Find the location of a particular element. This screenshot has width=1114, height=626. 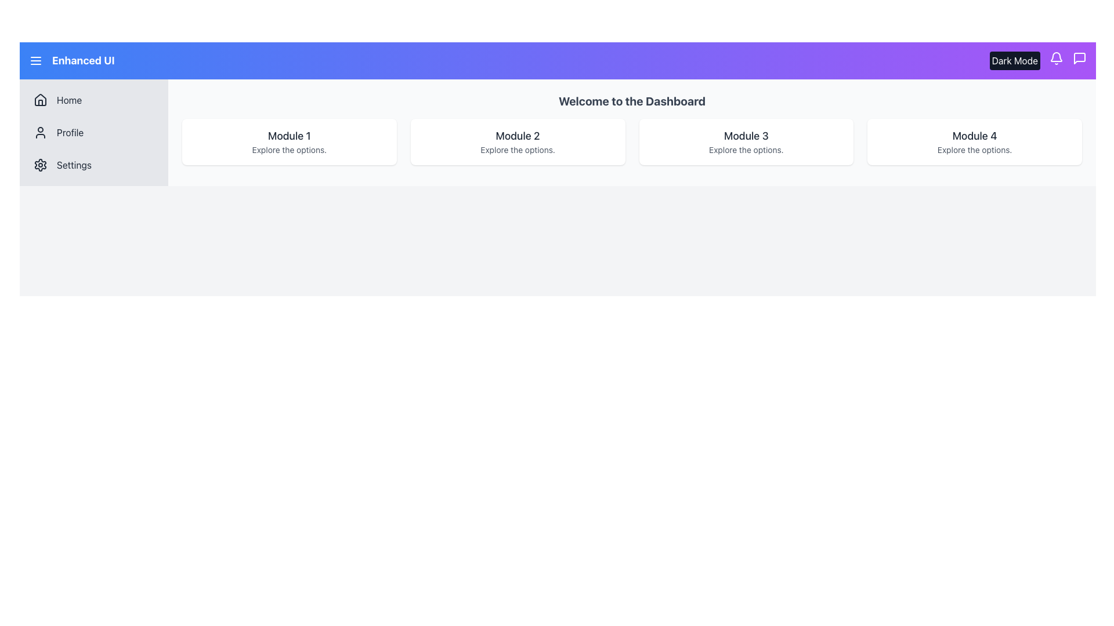

the 'Profile' icon in the left navigation area is located at coordinates (41, 132).